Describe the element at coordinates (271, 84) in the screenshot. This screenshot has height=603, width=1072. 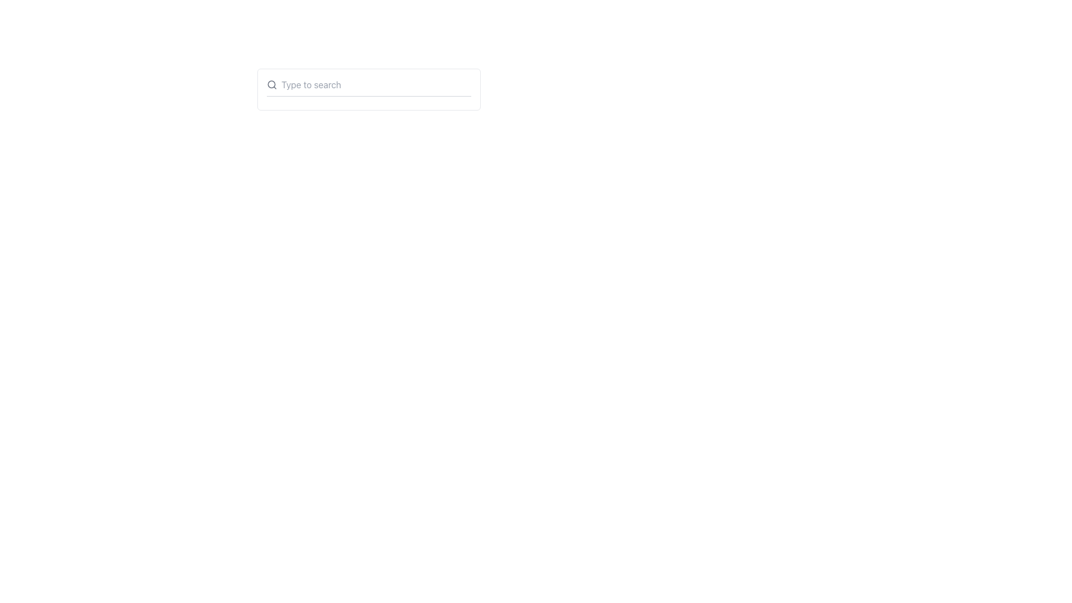
I see `the search icon located at the leftmost position next to the text input area, which visually represents a search function` at that location.